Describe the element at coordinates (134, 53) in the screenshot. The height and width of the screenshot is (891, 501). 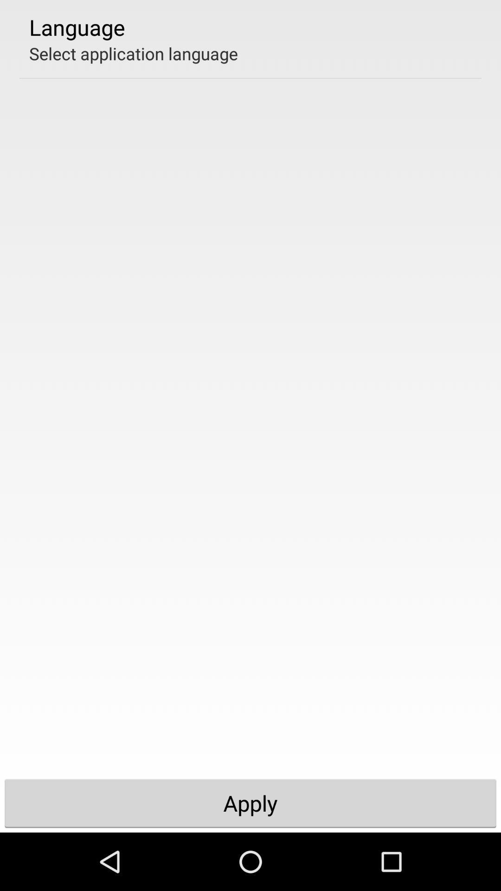
I see `the icon below language` at that location.